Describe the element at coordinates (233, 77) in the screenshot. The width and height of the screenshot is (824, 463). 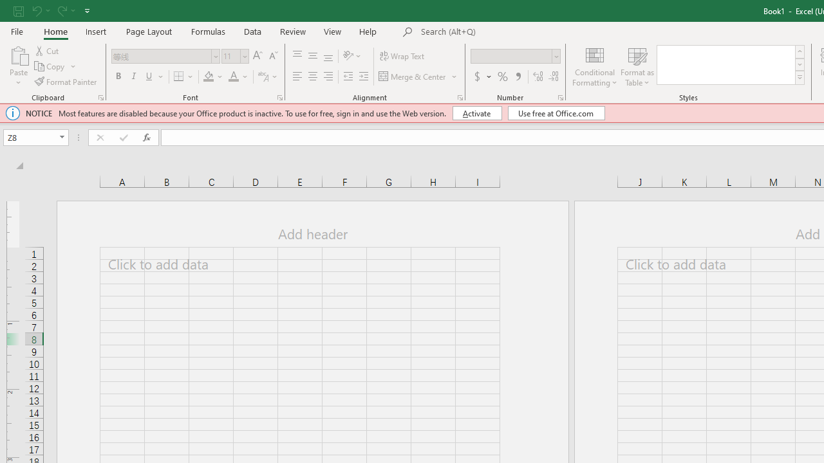
I see `'Font Color'` at that location.